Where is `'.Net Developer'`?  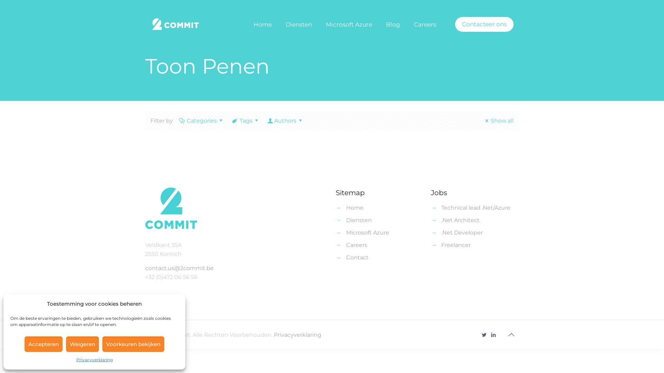 '.Net Developer' is located at coordinates (462, 232).